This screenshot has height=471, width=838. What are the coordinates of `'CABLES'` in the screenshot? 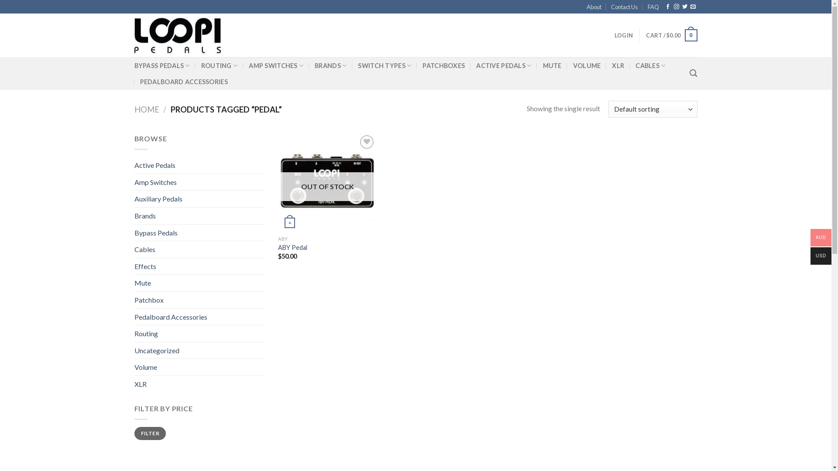 It's located at (650, 65).